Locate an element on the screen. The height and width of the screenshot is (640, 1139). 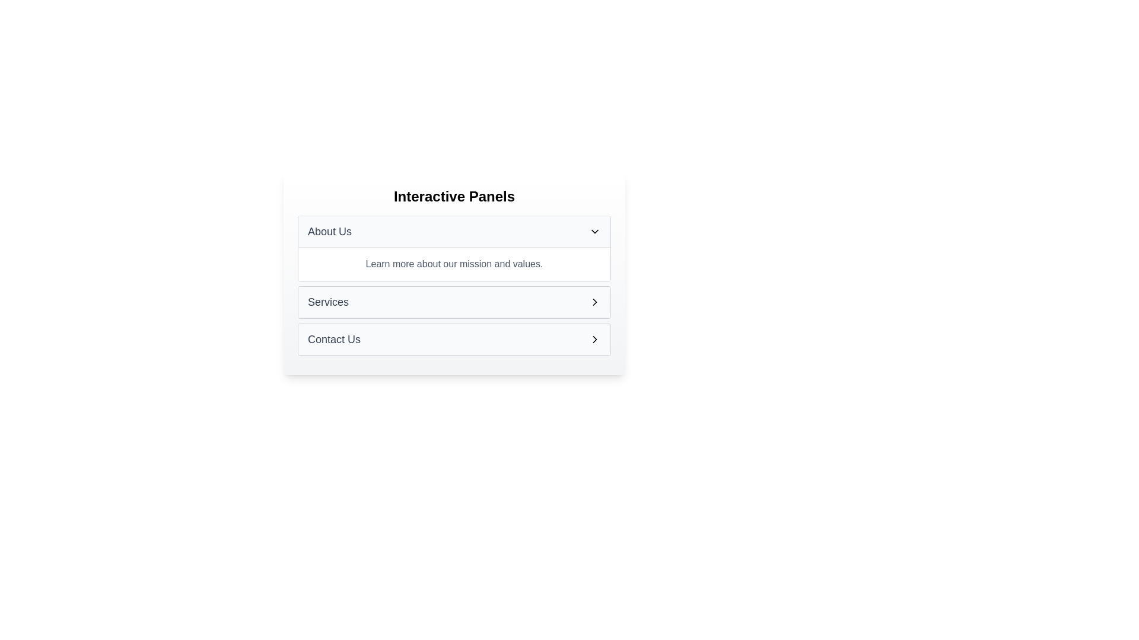
the chevron icon indicating rightward navigation located on the far-right side of the 'Contact Us' navigation option is located at coordinates (595, 340).